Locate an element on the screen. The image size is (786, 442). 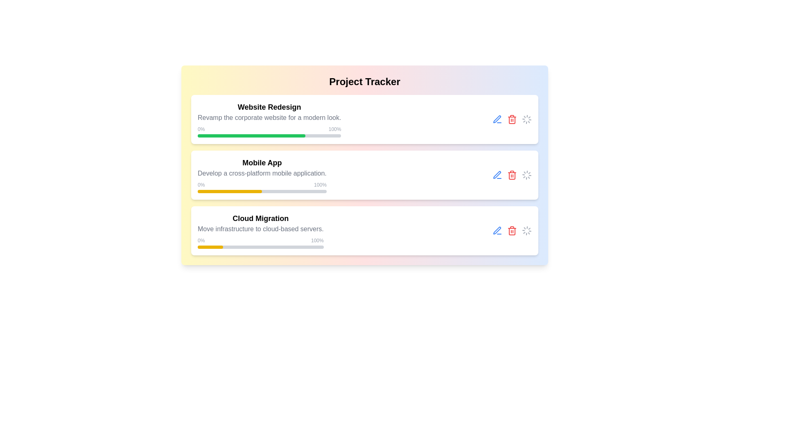
the project name to view its details is located at coordinates (269, 120).